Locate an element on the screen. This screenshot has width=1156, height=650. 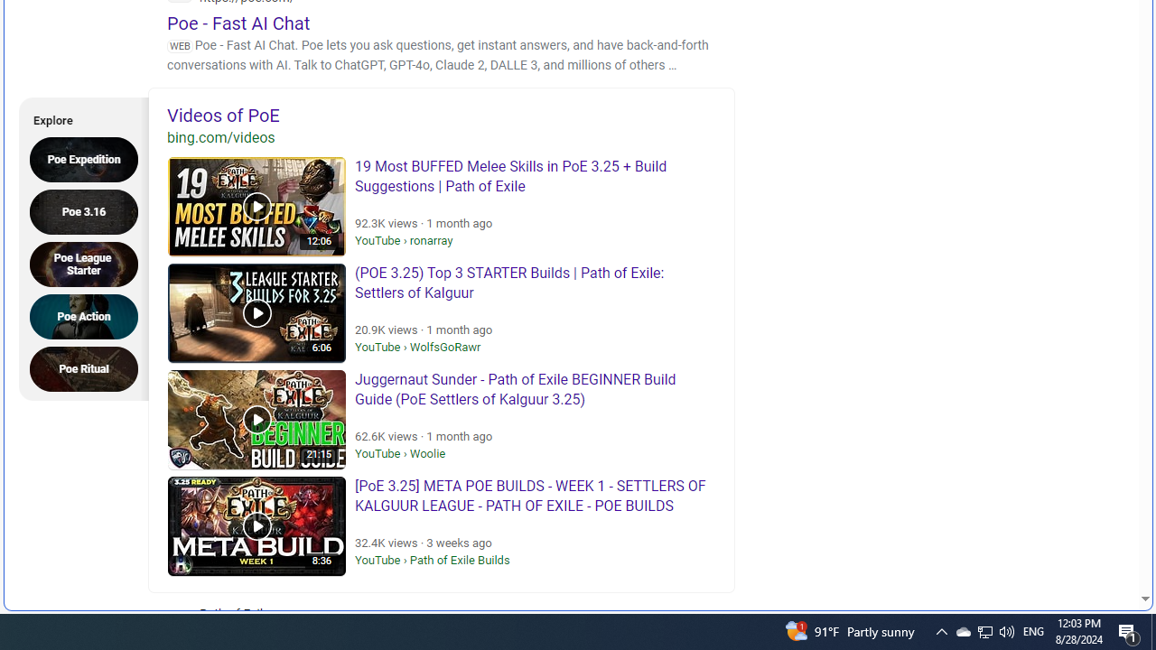
'Poe Action' is located at coordinates (89, 315).